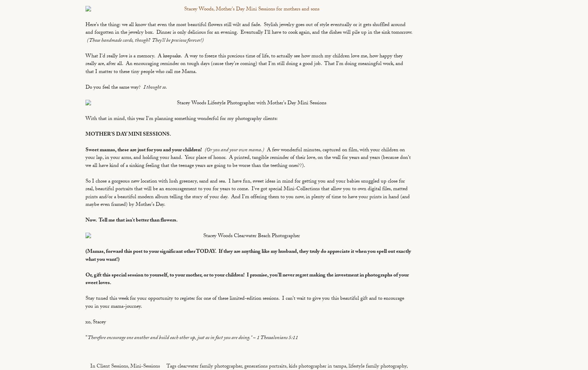  What do you see at coordinates (248, 158) in the screenshot?
I see `'A few wonderful minutes, captured on film, with your children on your lap, in your arms, and holding your hand.  Your place of honor.  A printed, tangible reminder of their love, on the wall for years and years (because don't we all have kind of a sinking feeling that the teenage years are going to be worse than the teething ones??).'` at bounding box center [248, 158].